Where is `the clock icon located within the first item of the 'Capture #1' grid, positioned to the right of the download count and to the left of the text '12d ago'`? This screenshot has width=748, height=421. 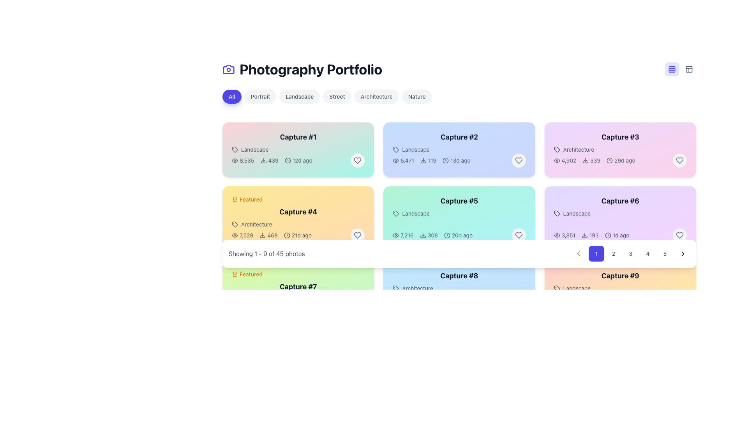 the clock icon located within the first item of the 'Capture #1' grid, positioned to the right of the download count and to the left of the text '12d ago' is located at coordinates (287, 160).